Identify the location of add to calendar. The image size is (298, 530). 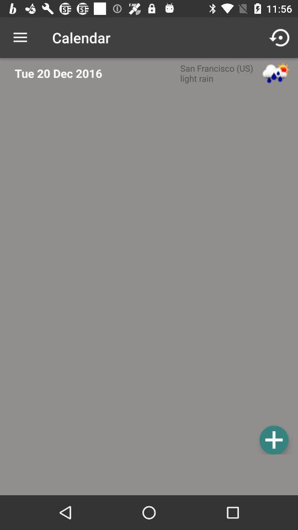
(273, 439).